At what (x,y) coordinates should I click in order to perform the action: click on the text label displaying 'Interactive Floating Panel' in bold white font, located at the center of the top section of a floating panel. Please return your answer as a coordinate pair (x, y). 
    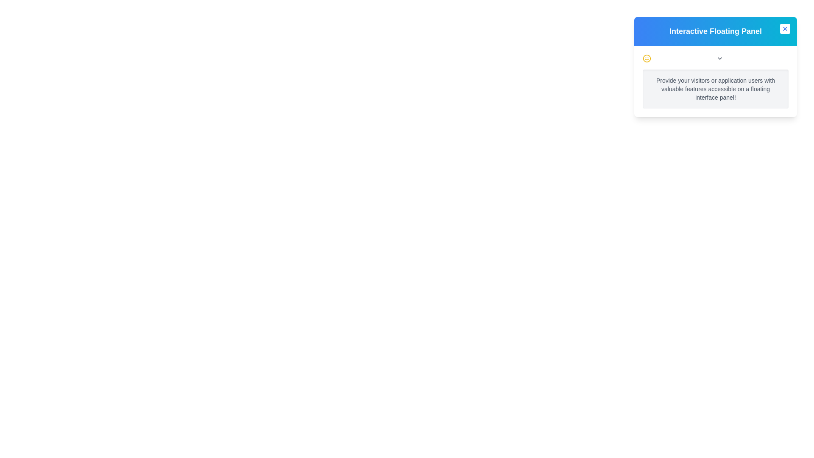
    Looking at the image, I should click on (715, 31).